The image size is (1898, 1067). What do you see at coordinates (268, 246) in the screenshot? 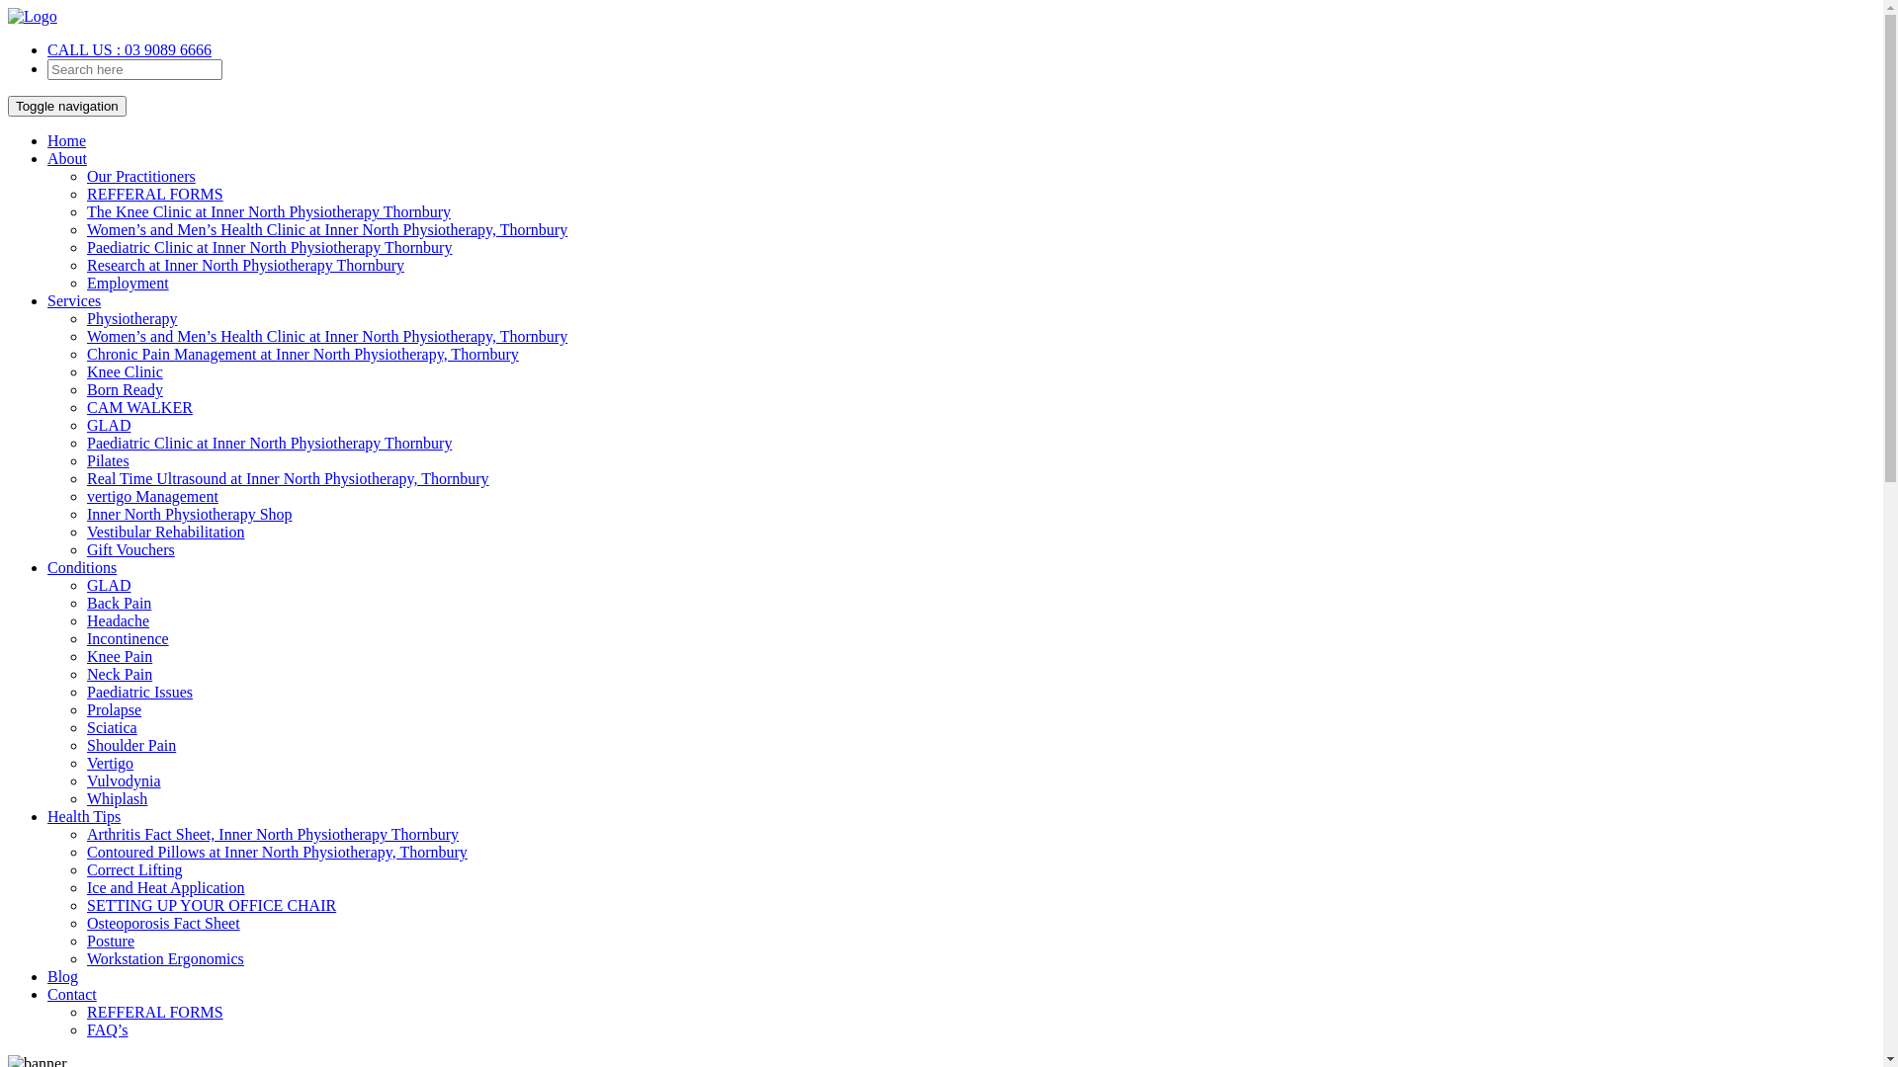
I see `'Paediatric Clinic at Inner North Physiotherapy Thornbury'` at bounding box center [268, 246].